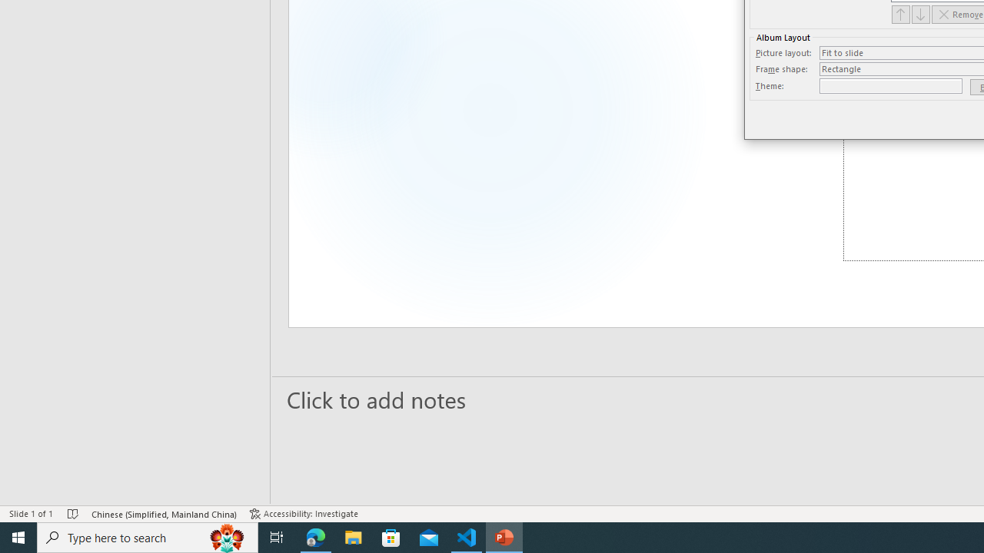 Image resolution: width=984 pixels, height=553 pixels. What do you see at coordinates (276, 536) in the screenshot?
I see `'Task View'` at bounding box center [276, 536].